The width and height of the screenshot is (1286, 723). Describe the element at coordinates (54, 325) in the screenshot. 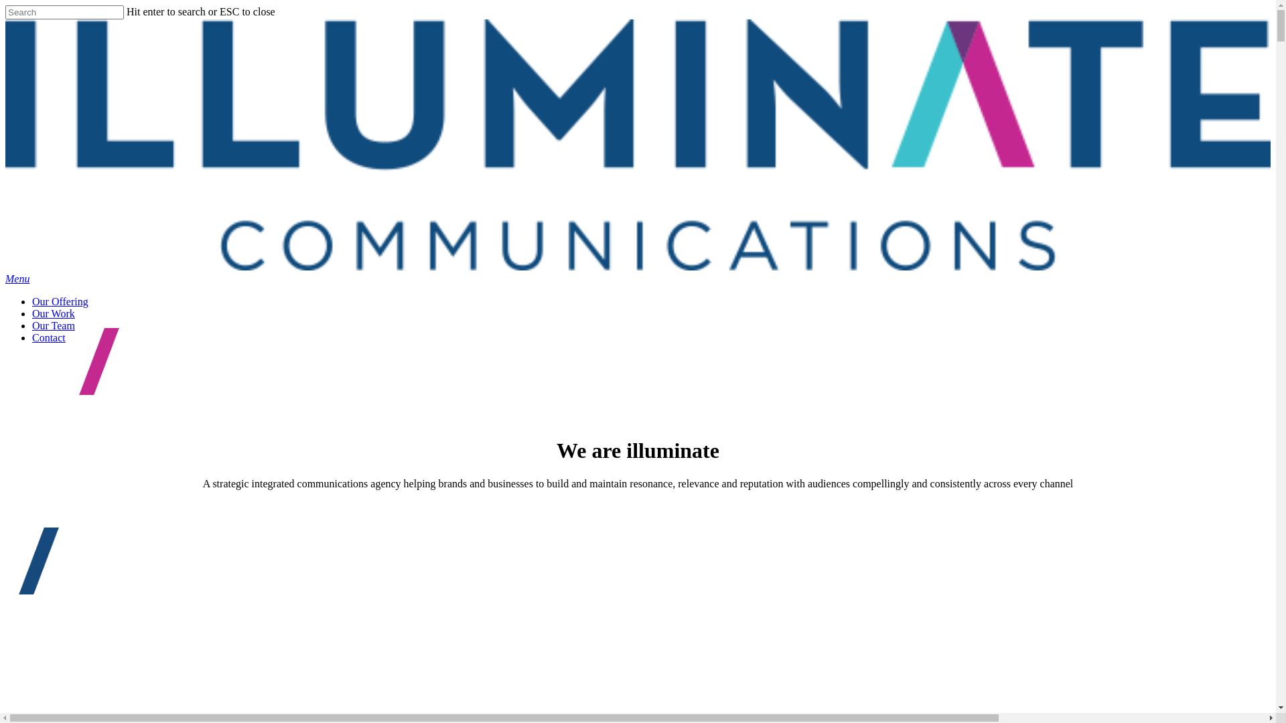

I see `'Our Team'` at that location.